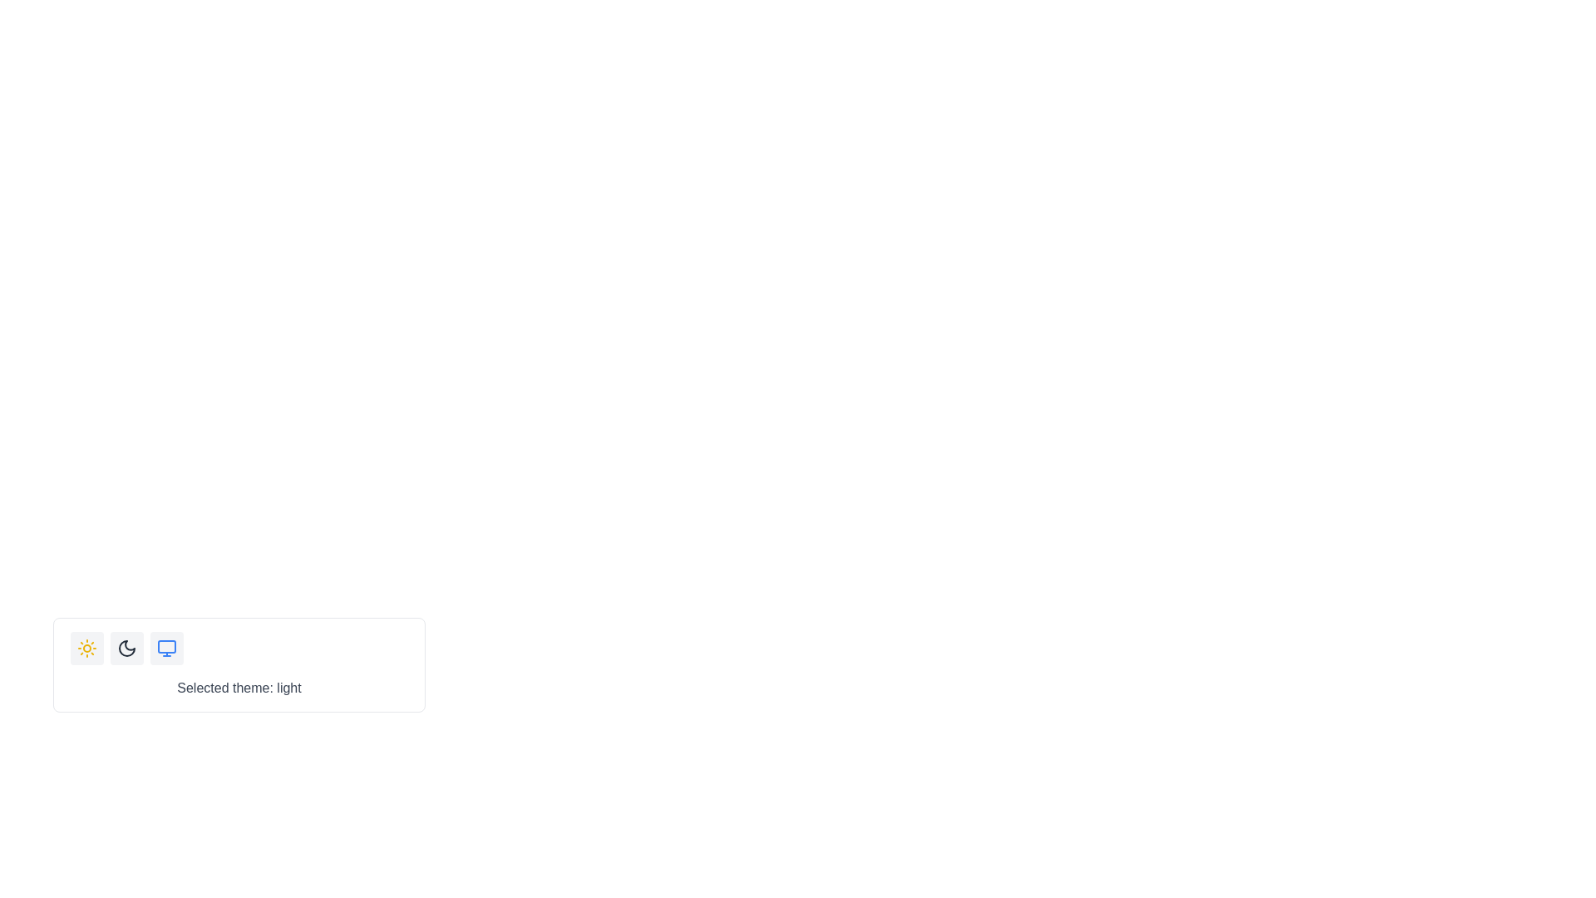 The image size is (1596, 898). What do you see at coordinates (126, 647) in the screenshot?
I see `the button with a moon icon at its center` at bounding box center [126, 647].